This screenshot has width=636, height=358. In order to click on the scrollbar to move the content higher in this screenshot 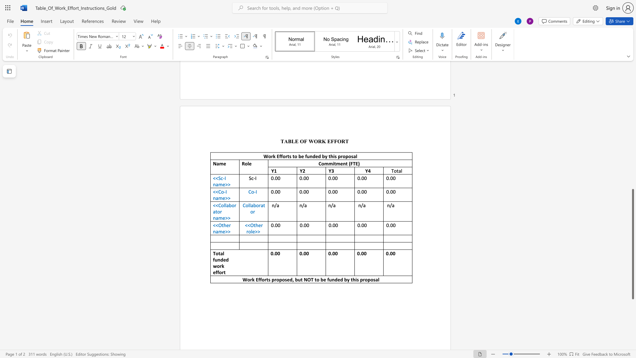, I will do `click(632, 179)`.